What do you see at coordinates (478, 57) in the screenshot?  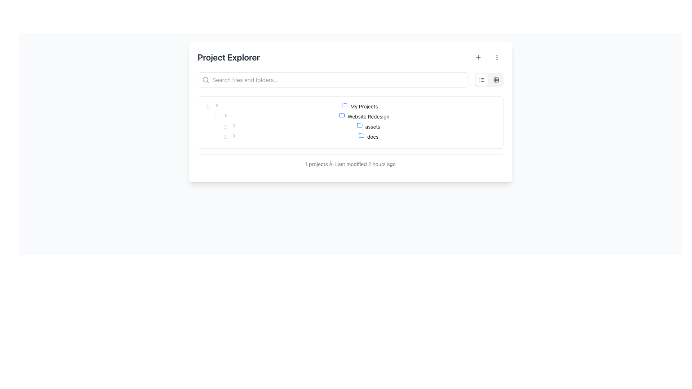 I see `the compact icon-style button with a plus sign ('+') located in the top-right corner of the 'Project Explorer' panel` at bounding box center [478, 57].